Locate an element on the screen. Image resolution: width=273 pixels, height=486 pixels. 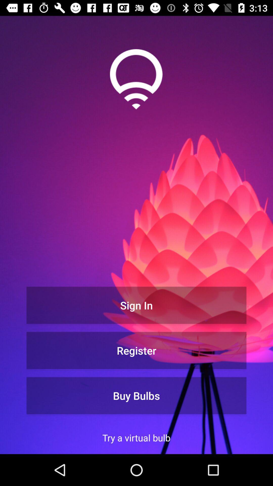
button below register icon is located at coordinates (136, 395).